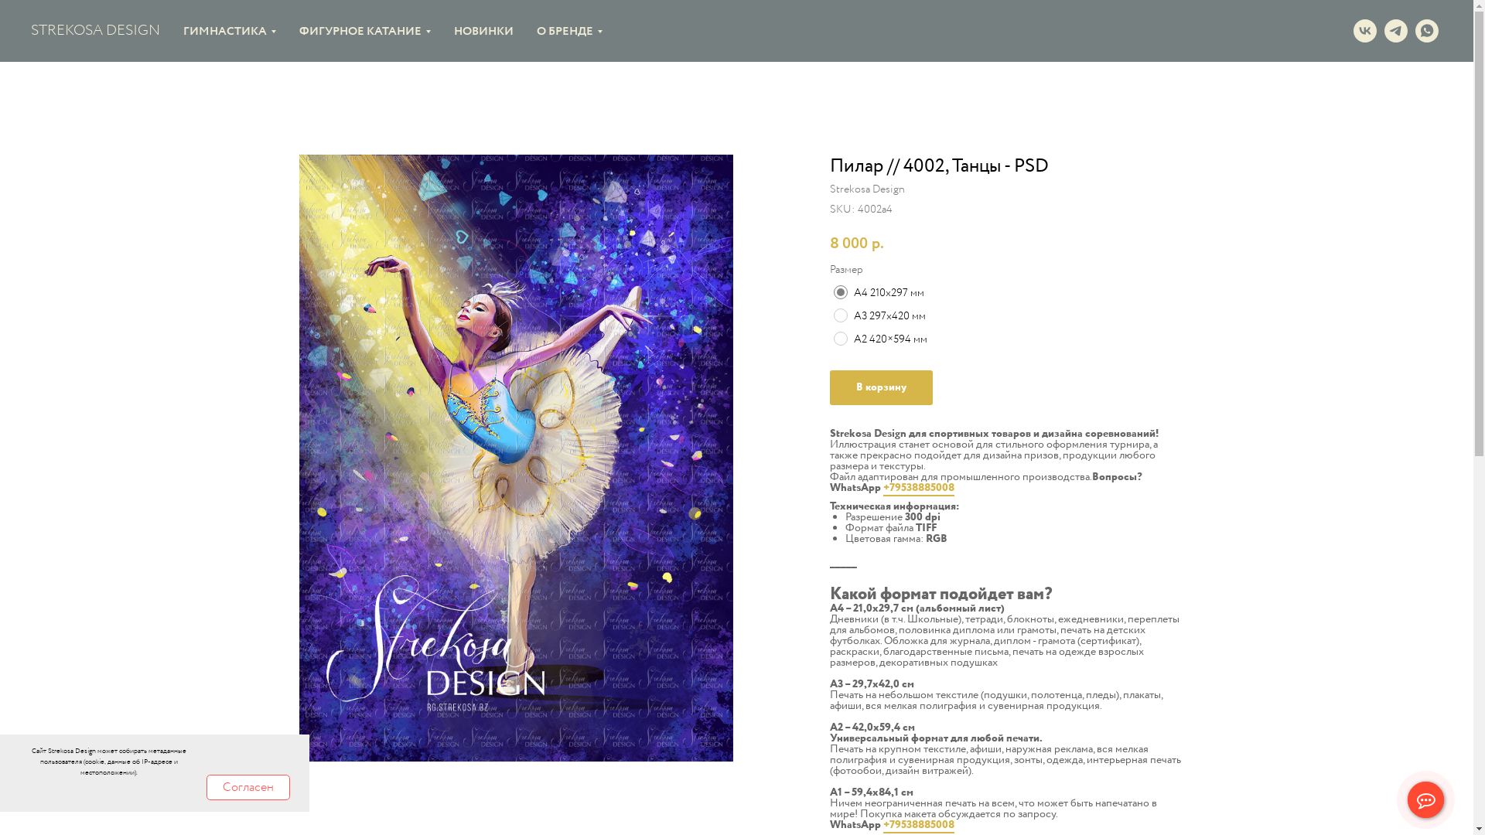  Describe the element at coordinates (919, 488) in the screenshot. I see `'+79538885008'` at that location.